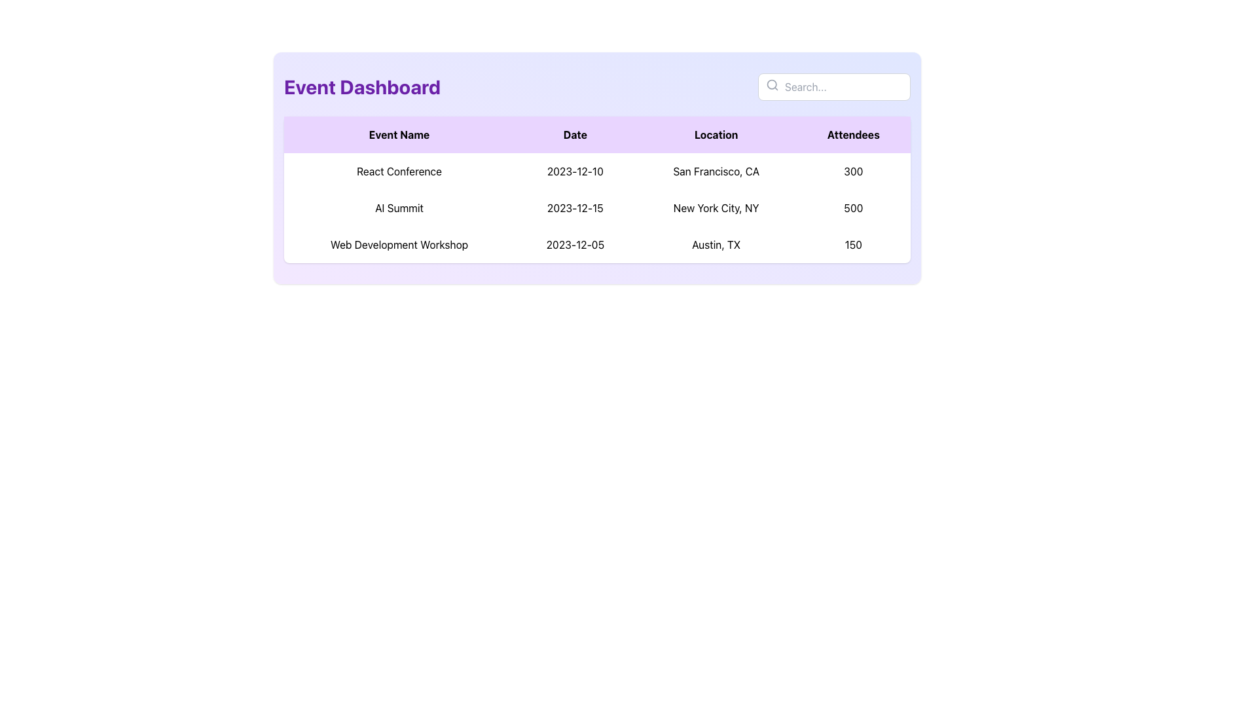 The width and height of the screenshot is (1257, 707). I want to click on the rows of the purple-themed table containing event information, so click(596, 189).